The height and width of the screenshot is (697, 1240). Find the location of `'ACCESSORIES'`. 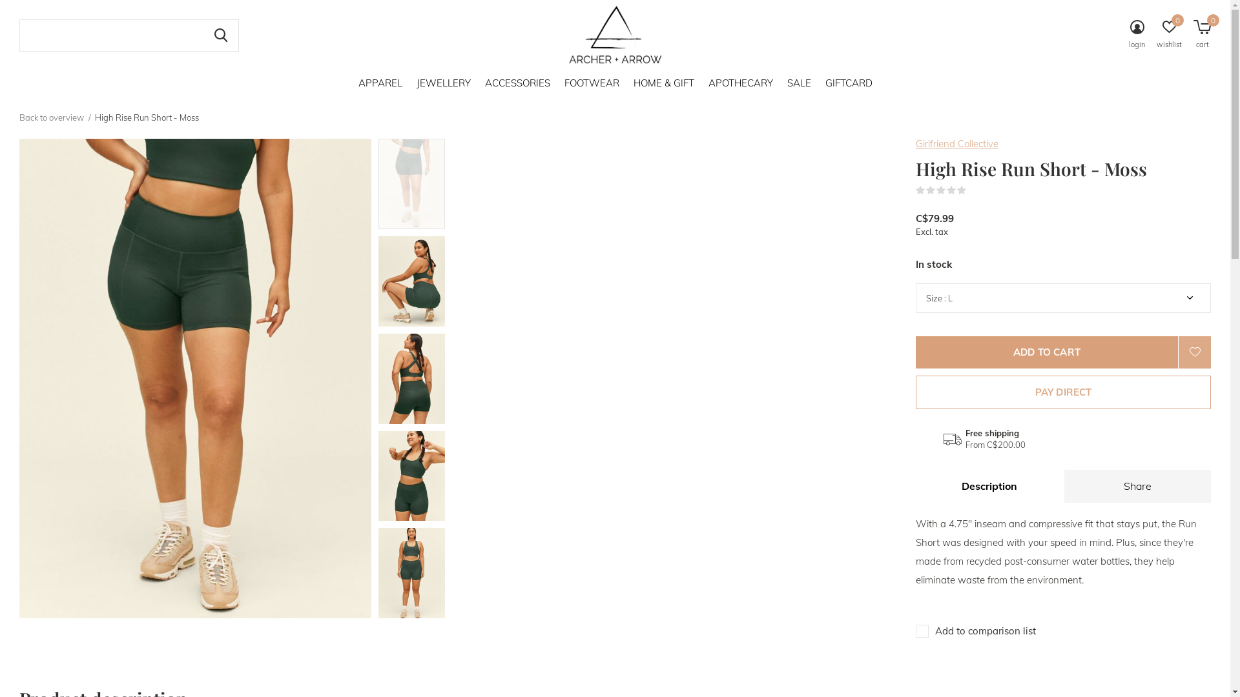

'ACCESSORIES' is located at coordinates (517, 82).